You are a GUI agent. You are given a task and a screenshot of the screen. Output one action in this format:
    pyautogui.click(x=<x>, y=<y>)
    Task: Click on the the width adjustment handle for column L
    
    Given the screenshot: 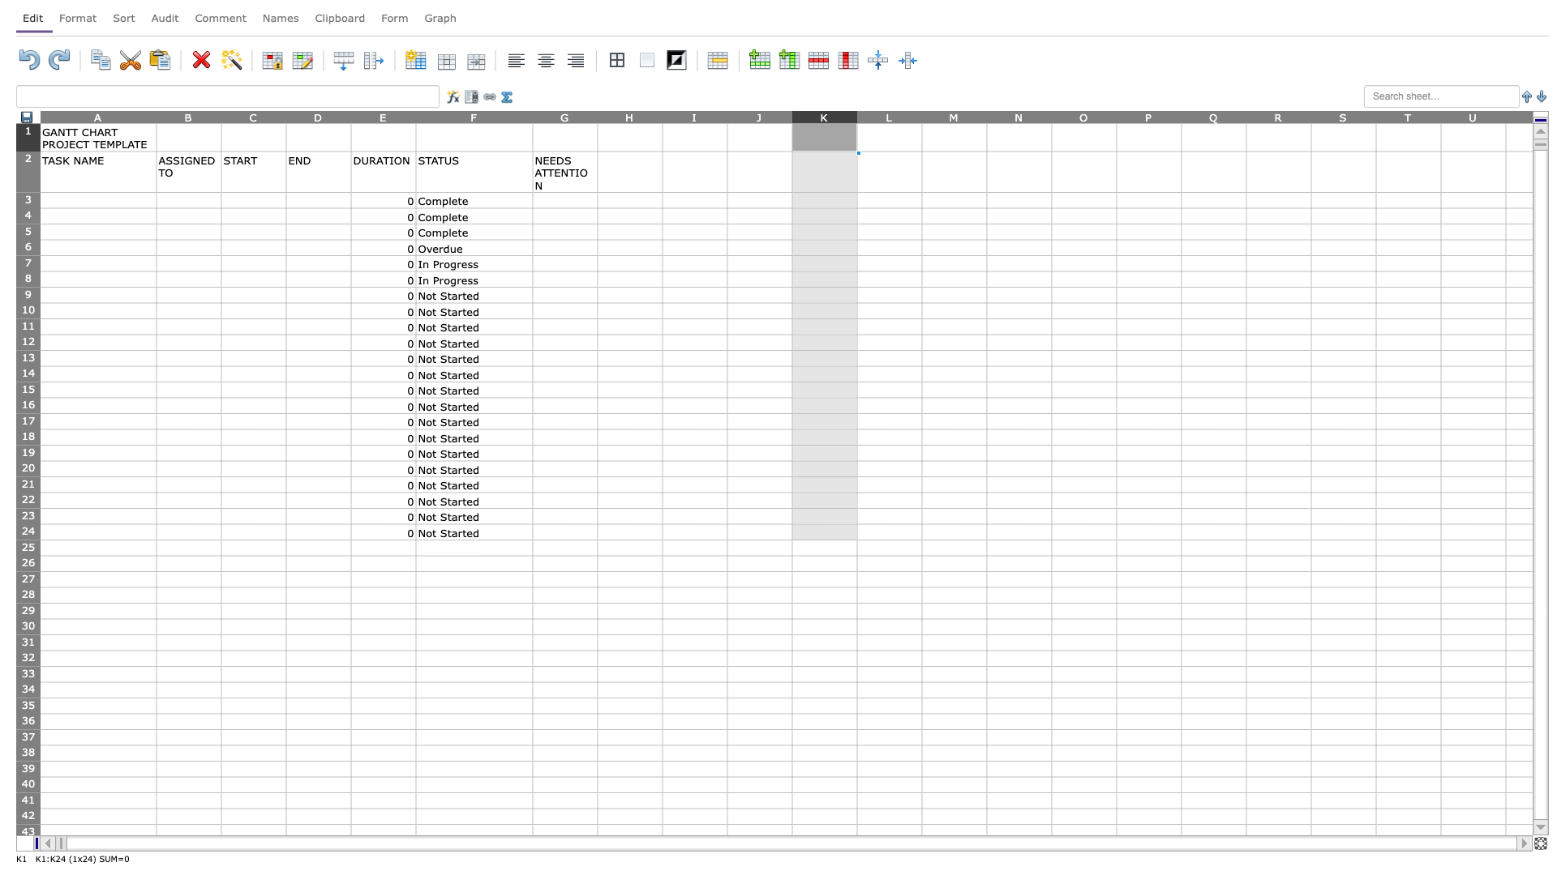 What is the action you would take?
    pyautogui.click(x=922, y=116)
    